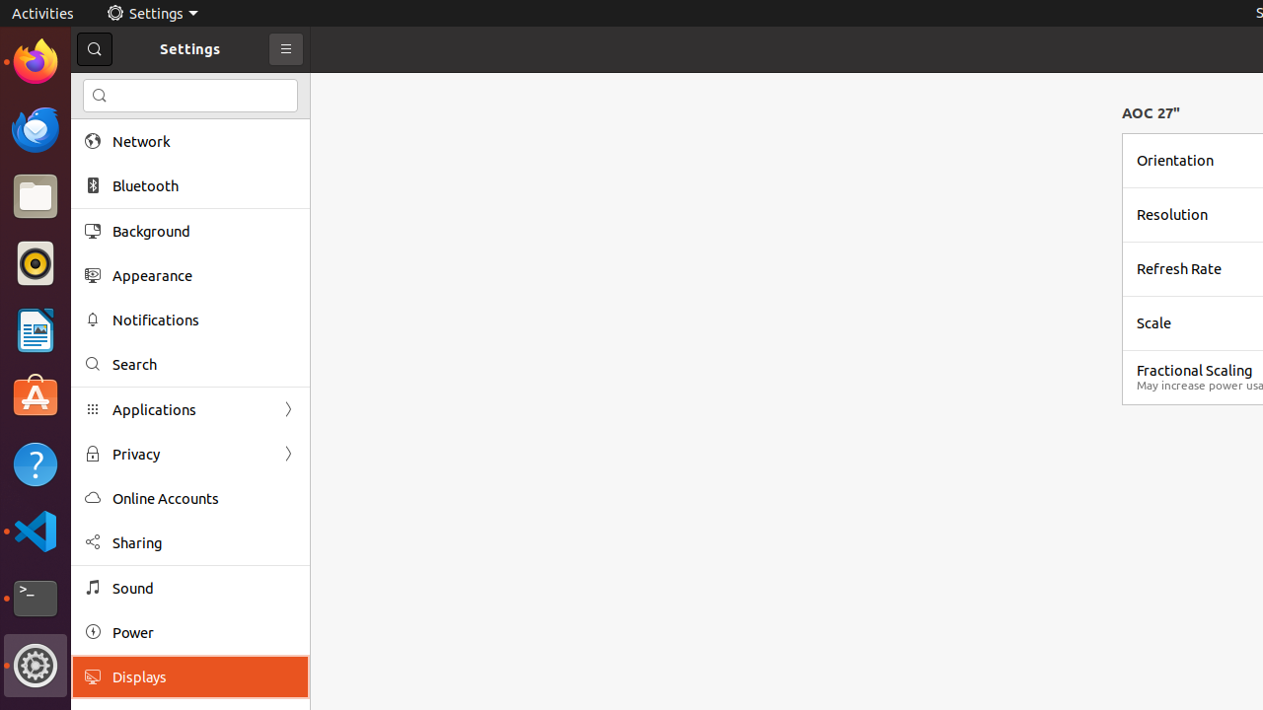 The height and width of the screenshot is (710, 1263). Describe the element at coordinates (42, 13) in the screenshot. I see `'Activities'` at that location.